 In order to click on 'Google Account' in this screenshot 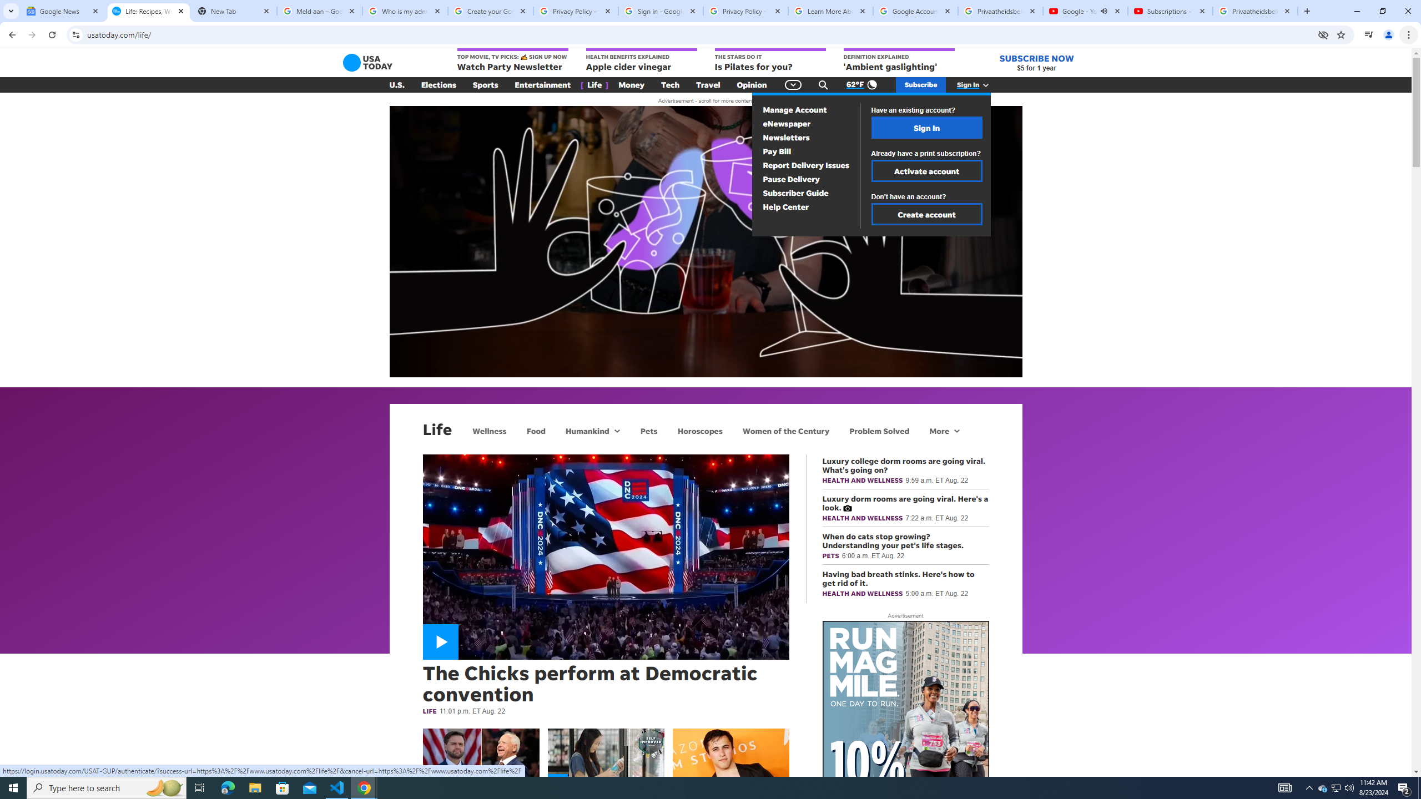, I will do `click(915, 11)`.